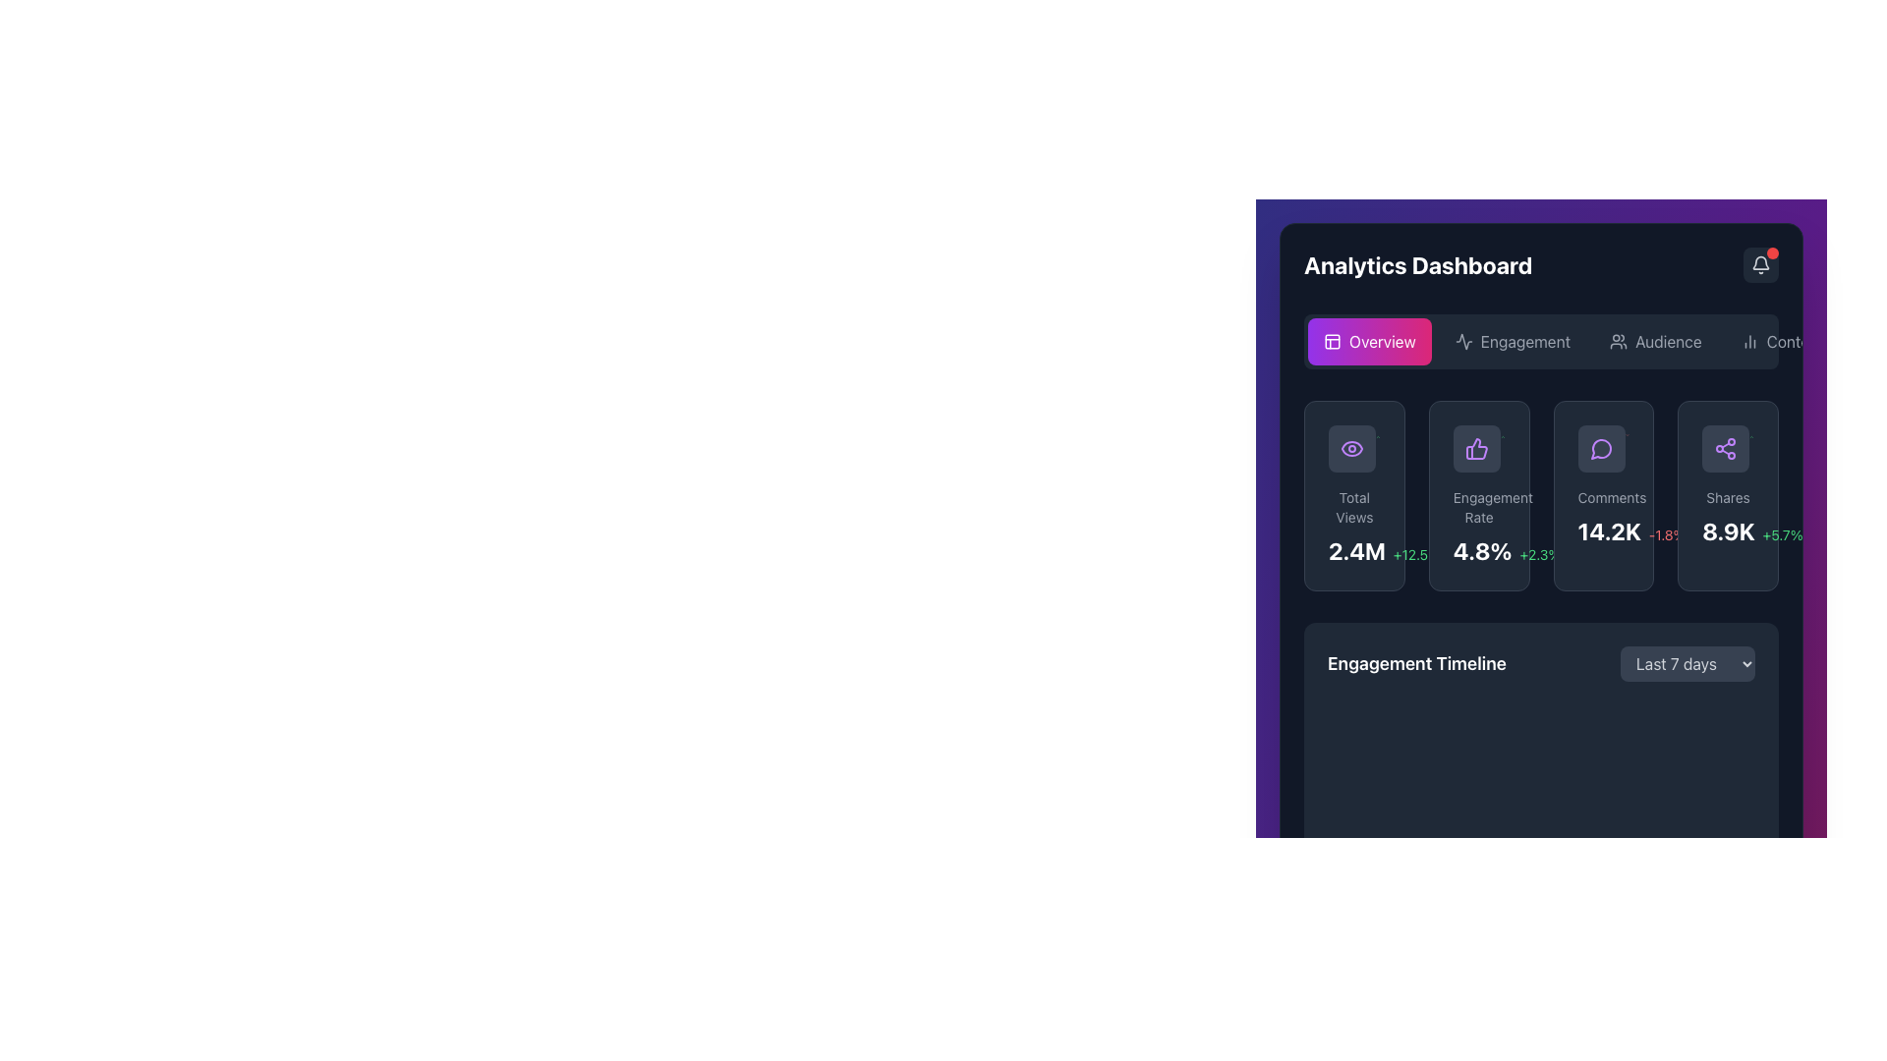 This screenshot has width=1887, height=1061. Describe the element at coordinates (1687, 663) in the screenshot. I see `the dropdown button for engagement metrics located to the right of the title text 'Engagement Timeline'` at that location.